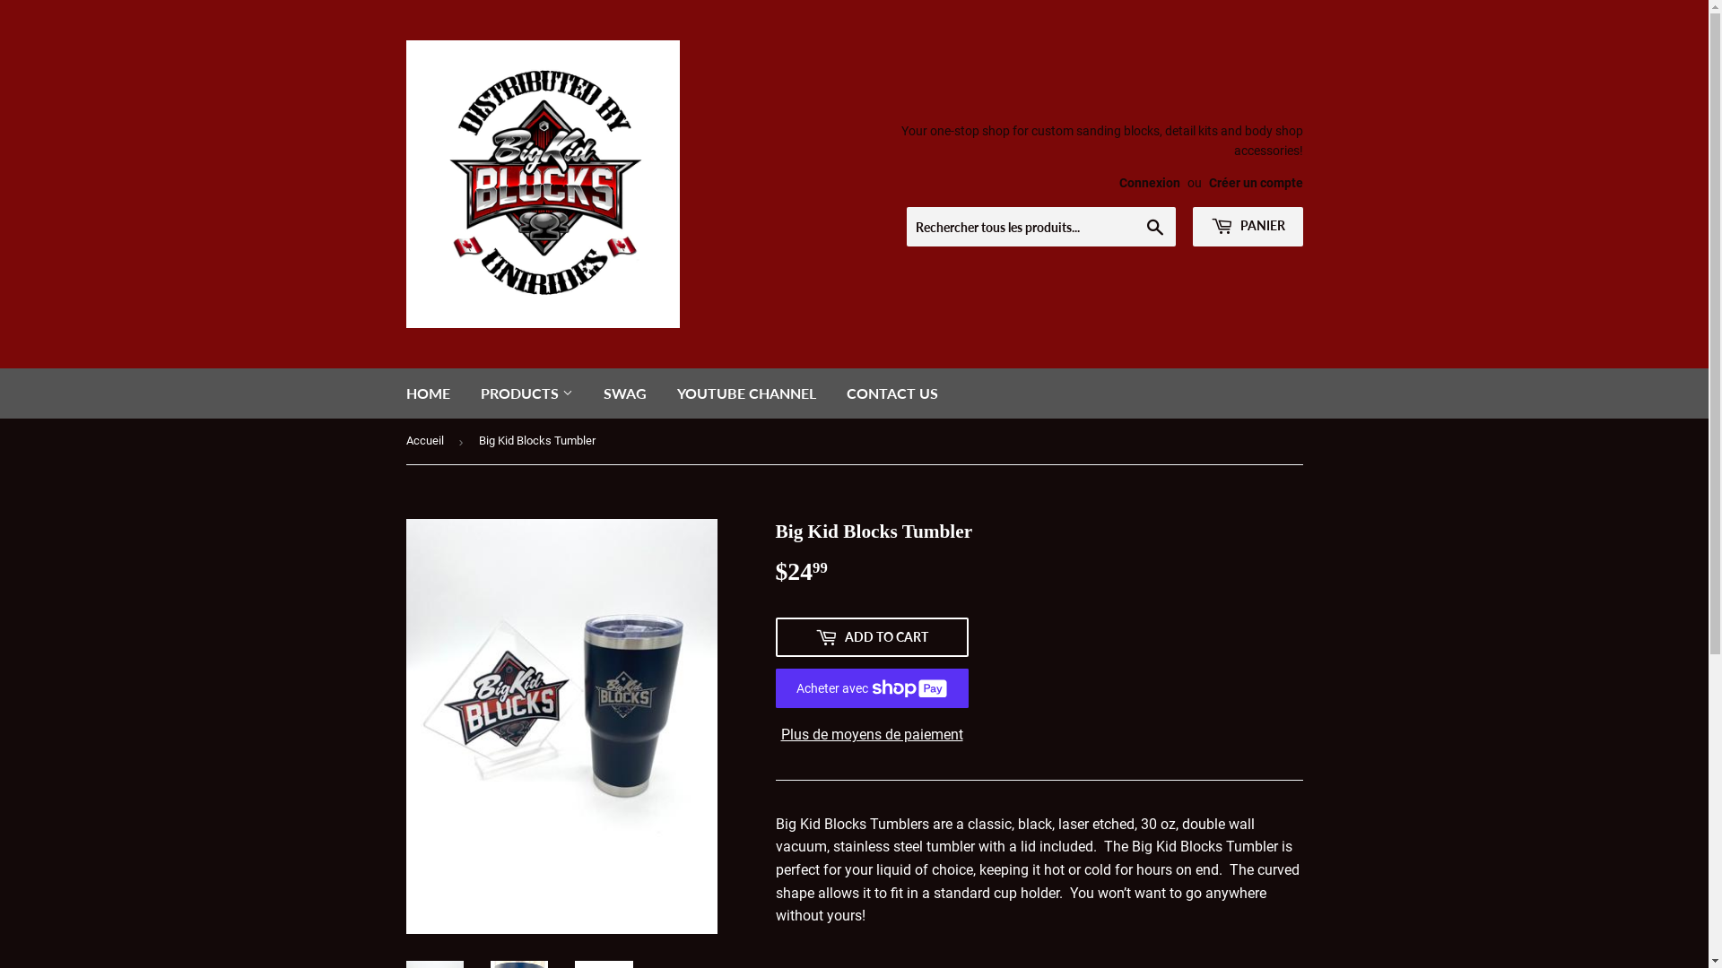  What do you see at coordinates (1118, 183) in the screenshot?
I see `'Connexion'` at bounding box center [1118, 183].